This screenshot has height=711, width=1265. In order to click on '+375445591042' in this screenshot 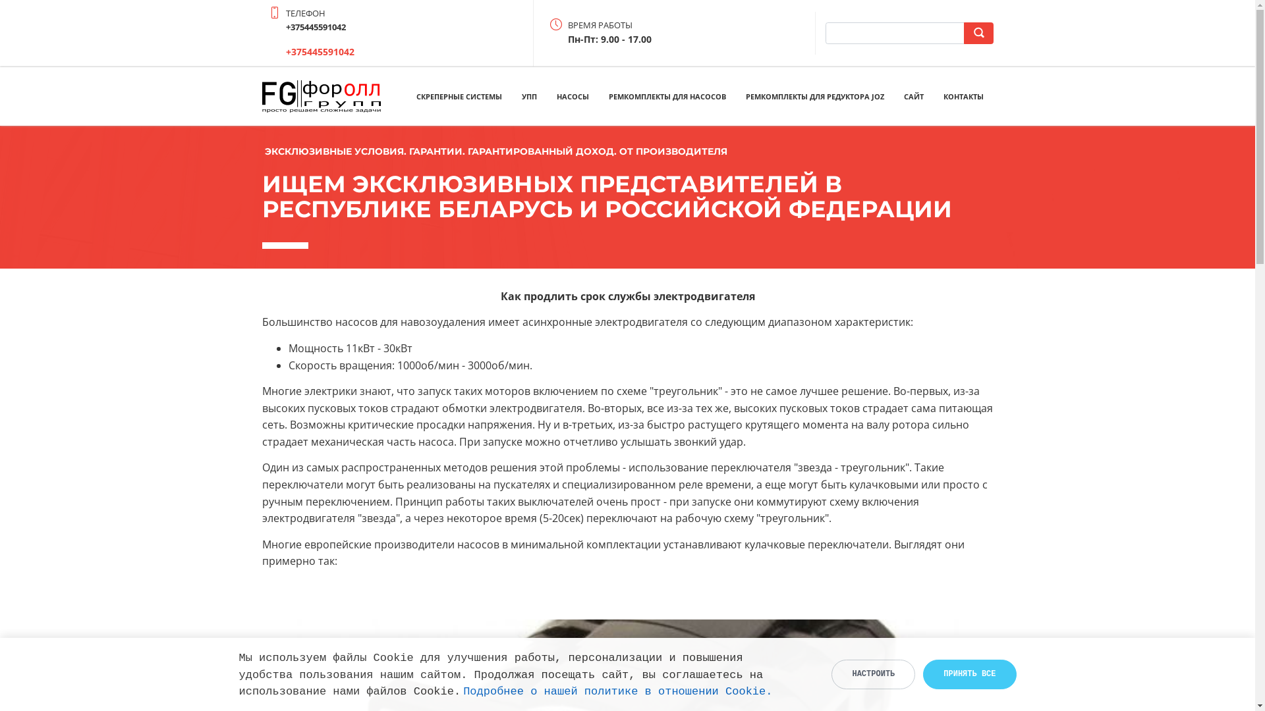, I will do `click(285, 51)`.